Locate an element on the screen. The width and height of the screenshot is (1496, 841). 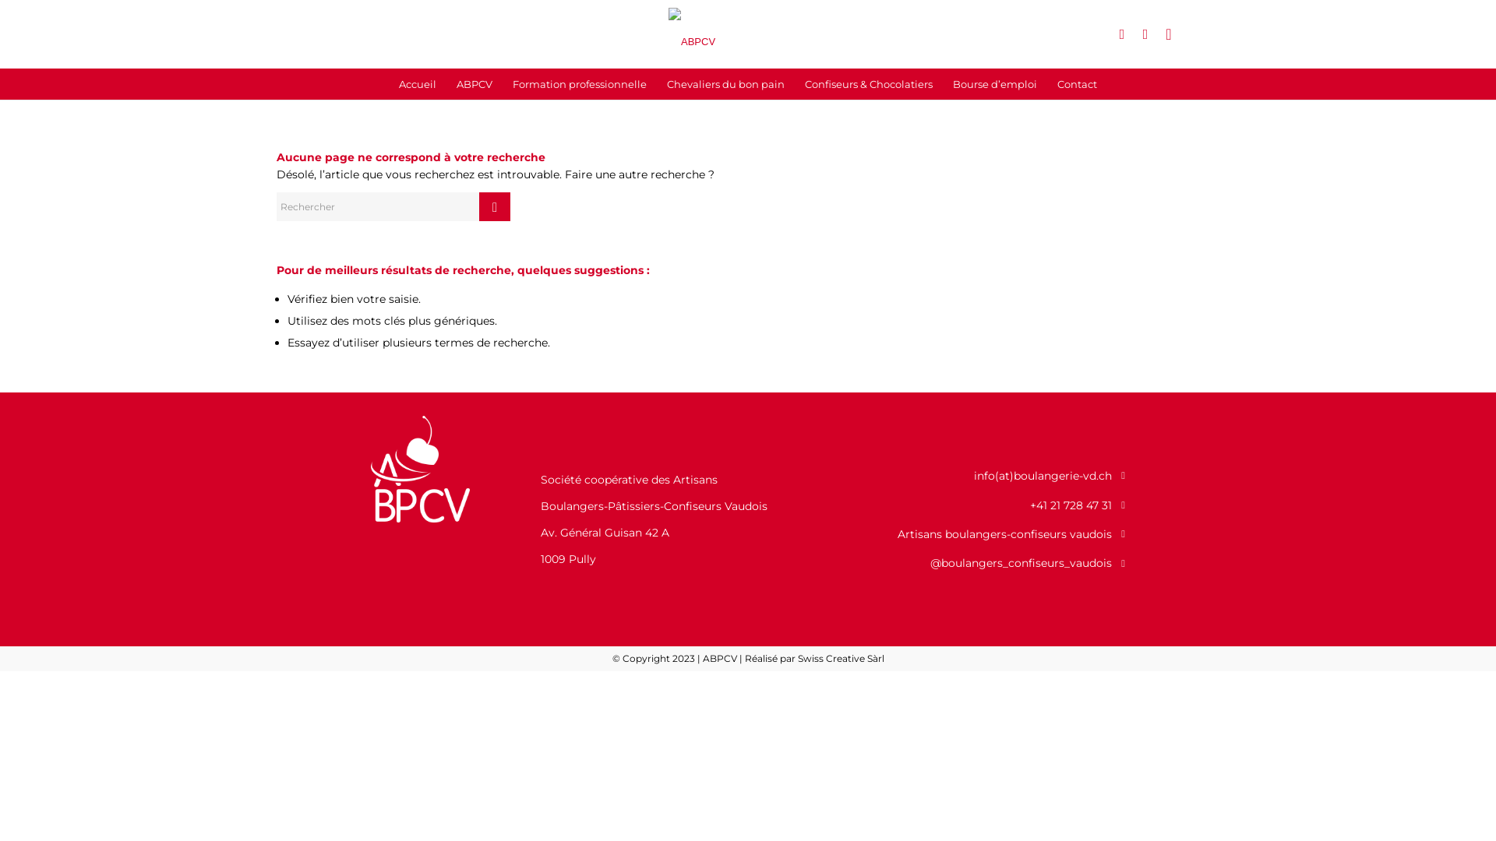
'+41 21 728 47 31' is located at coordinates (983, 505).